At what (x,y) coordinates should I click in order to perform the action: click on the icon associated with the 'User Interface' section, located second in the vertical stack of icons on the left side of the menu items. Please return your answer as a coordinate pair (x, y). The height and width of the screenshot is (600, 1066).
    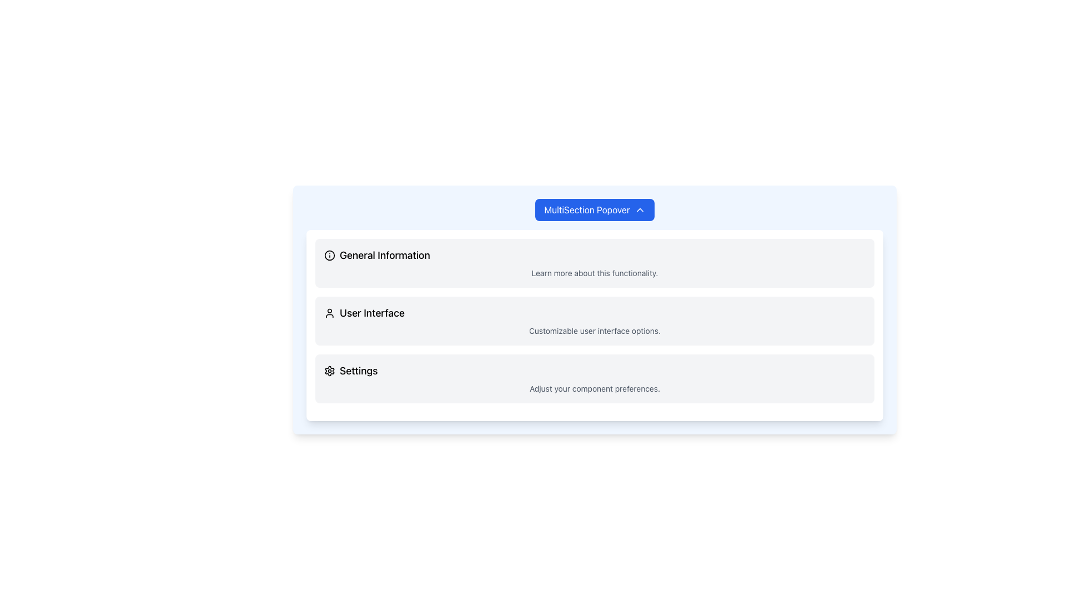
    Looking at the image, I should click on (329, 313).